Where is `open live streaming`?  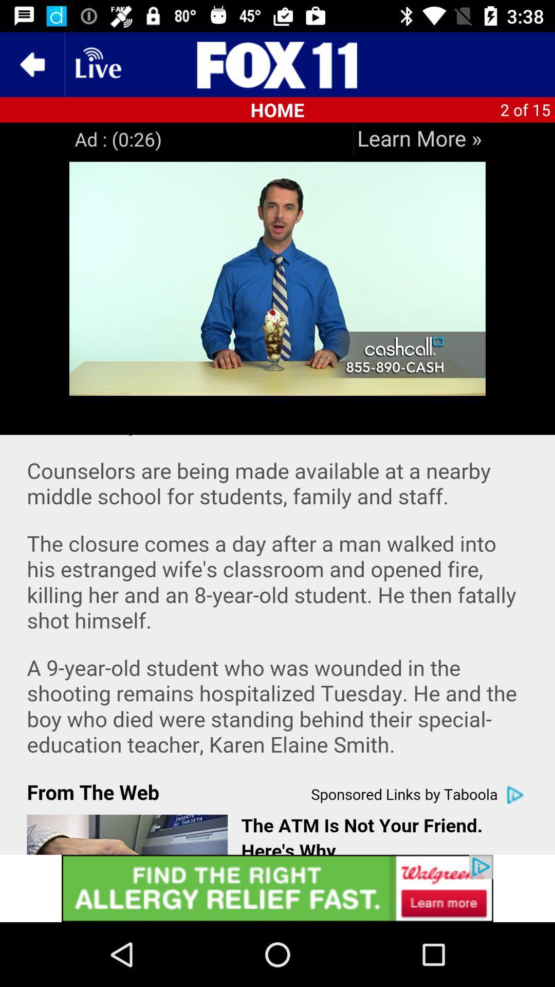 open live streaming is located at coordinates (97, 64).